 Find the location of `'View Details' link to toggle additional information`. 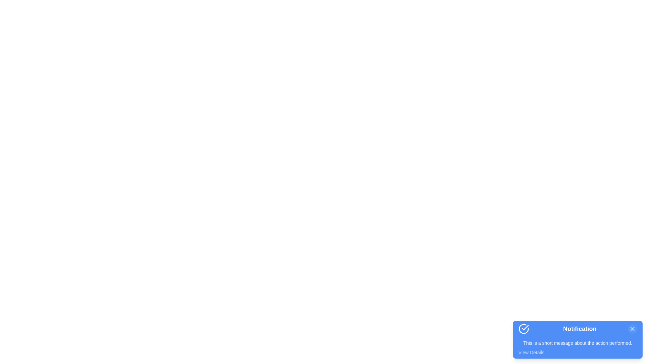

'View Details' link to toggle additional information is located at coordinates (531, 352).